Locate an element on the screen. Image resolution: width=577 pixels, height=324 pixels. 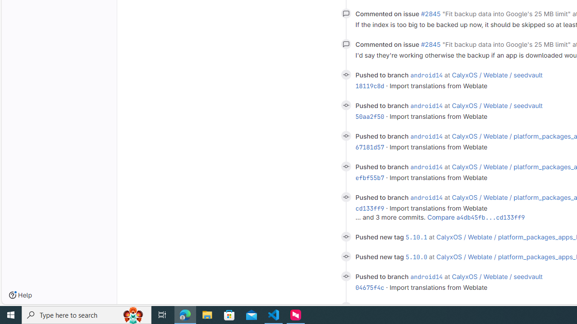
'Class: s14' is located at coordinates (345, 306).